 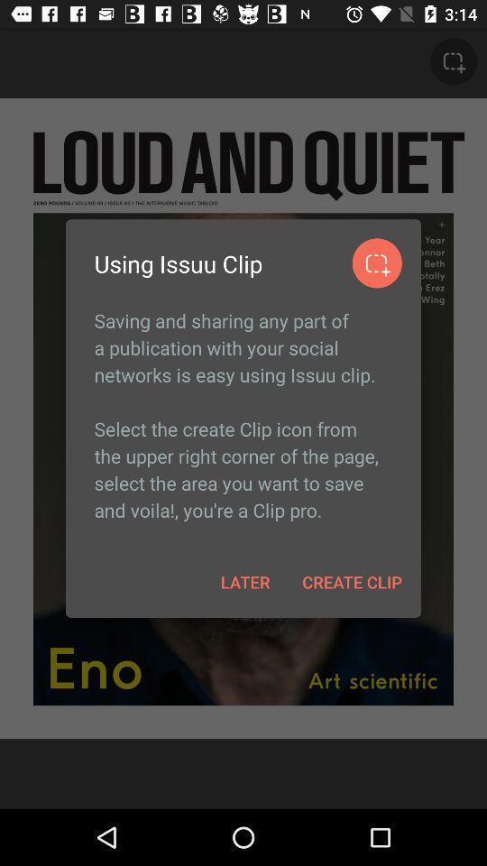 What do you see at coordinates (244, 581) in the screenshot?
I see `later` at bounding box center [244, 581].